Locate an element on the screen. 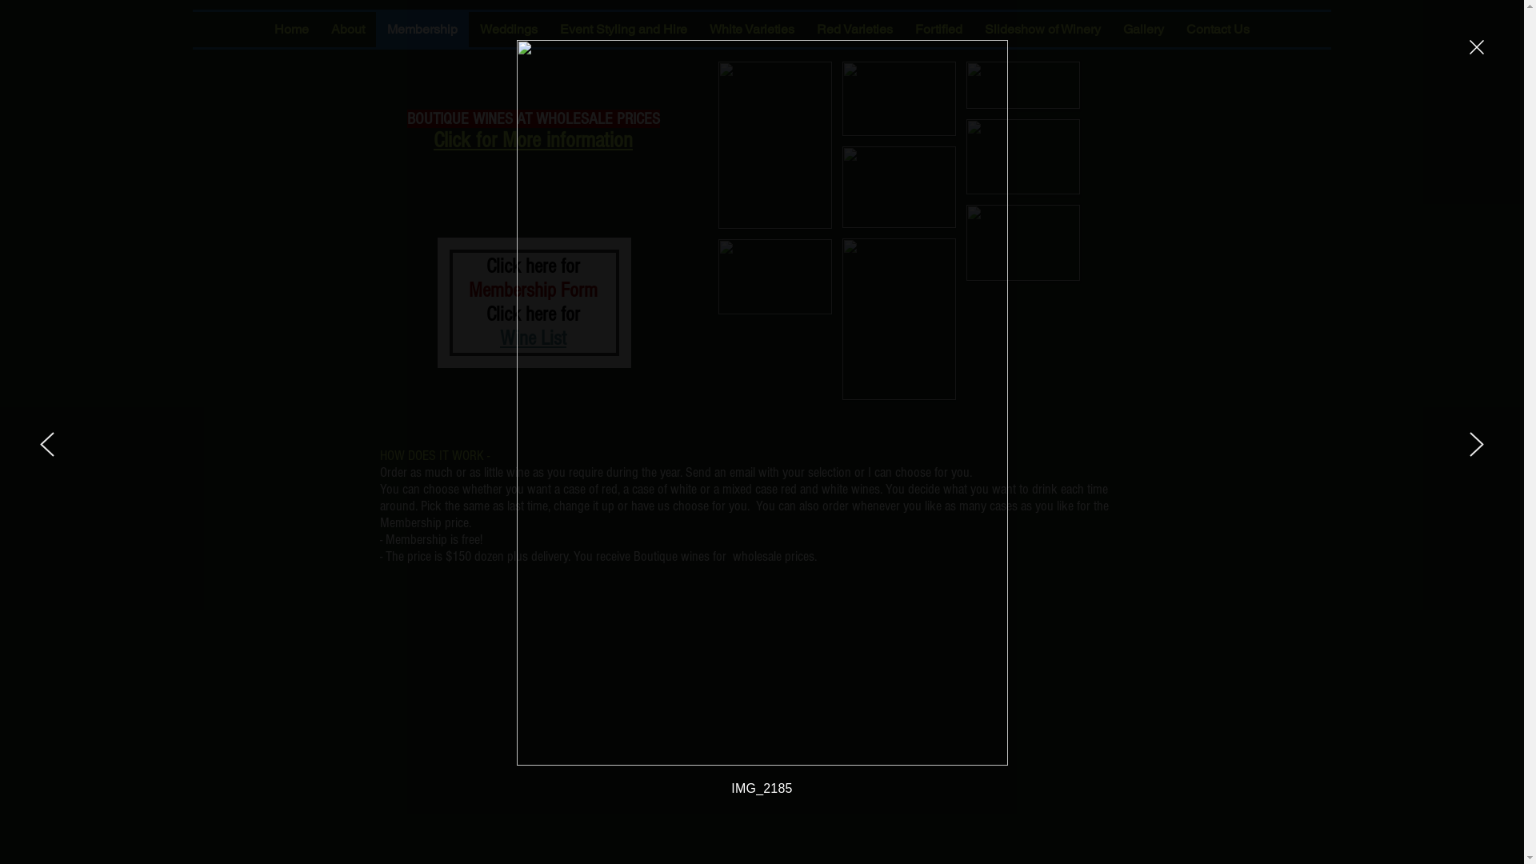 This screenshot has width=1536, height=864. 'About' is located at coordinates (347, 30).